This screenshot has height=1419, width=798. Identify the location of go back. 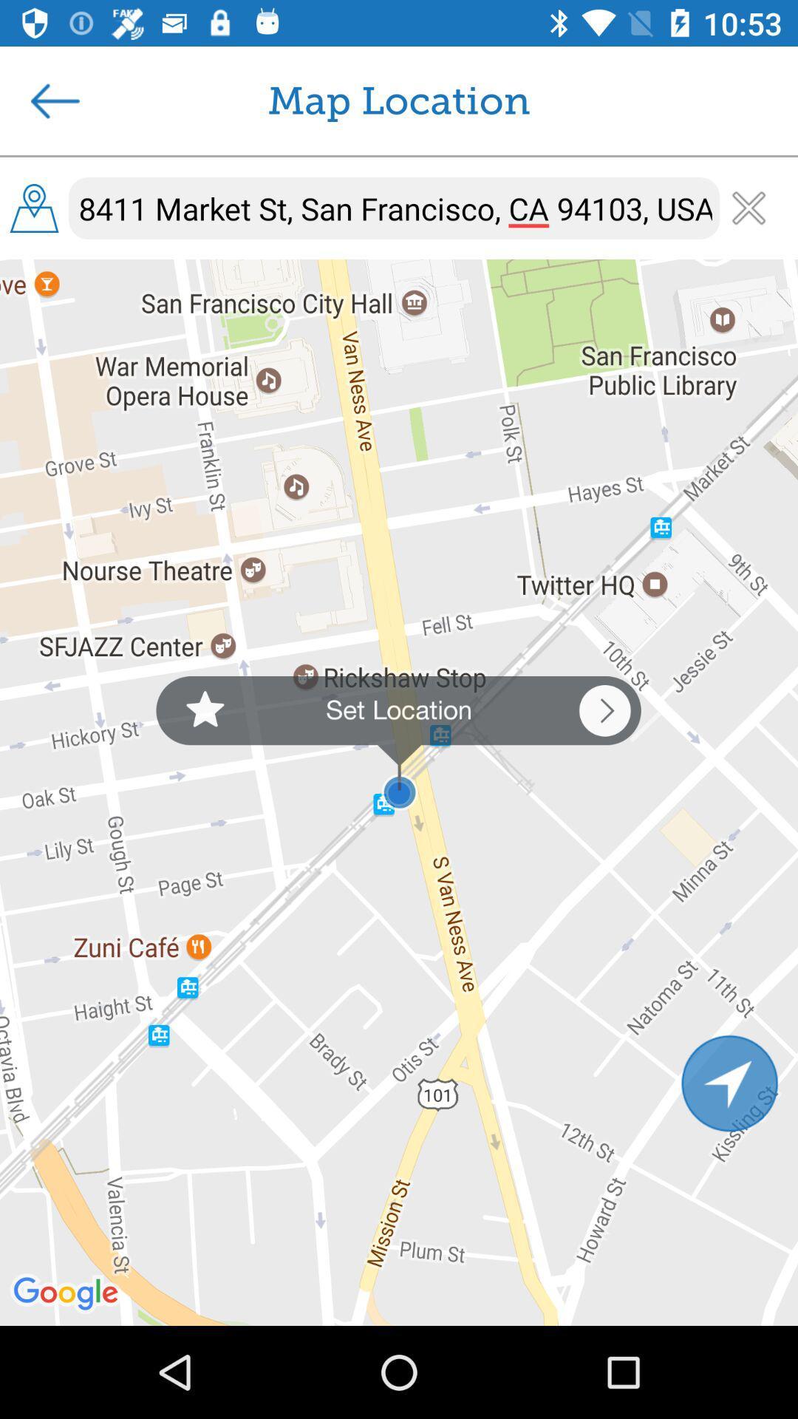
(54, 100).